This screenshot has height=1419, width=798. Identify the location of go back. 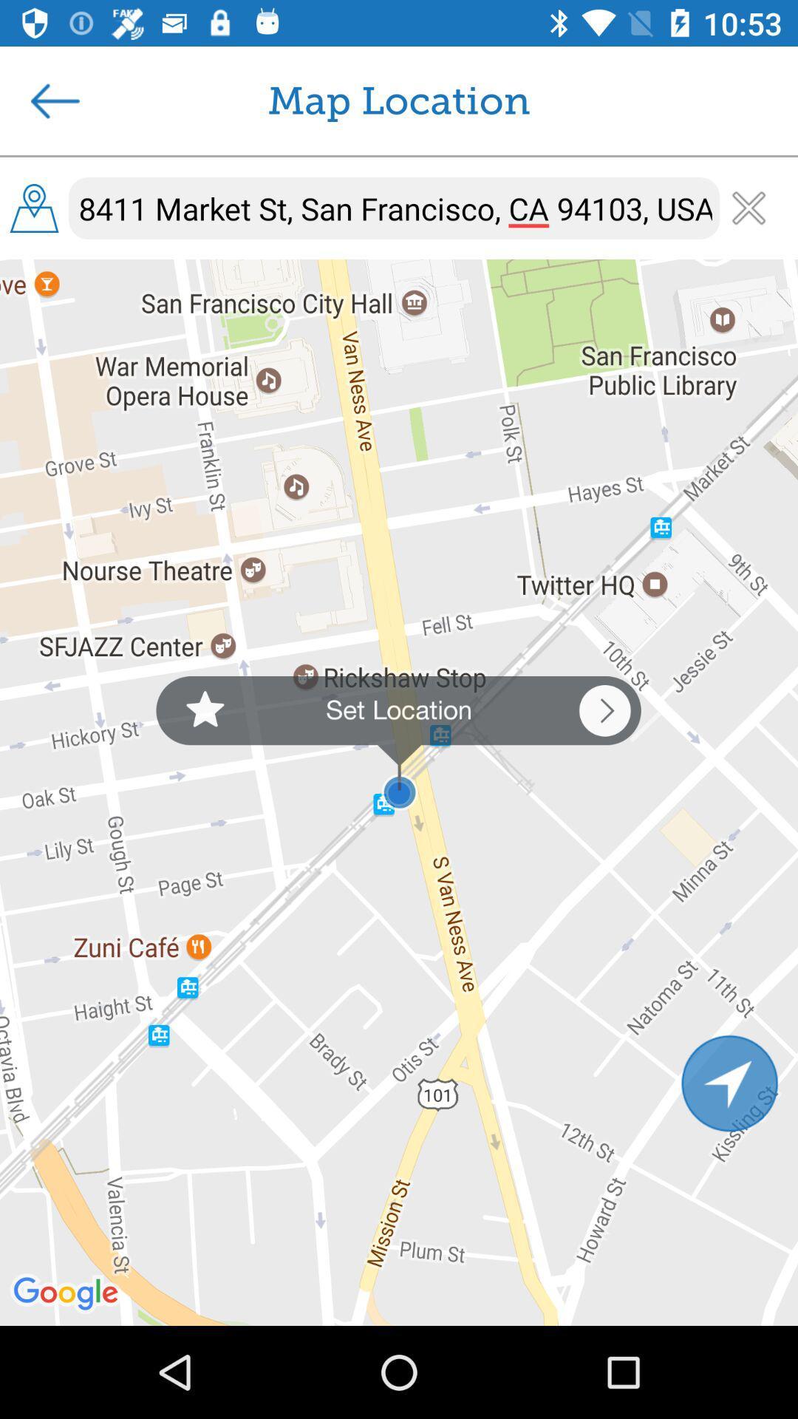
(54, 100).